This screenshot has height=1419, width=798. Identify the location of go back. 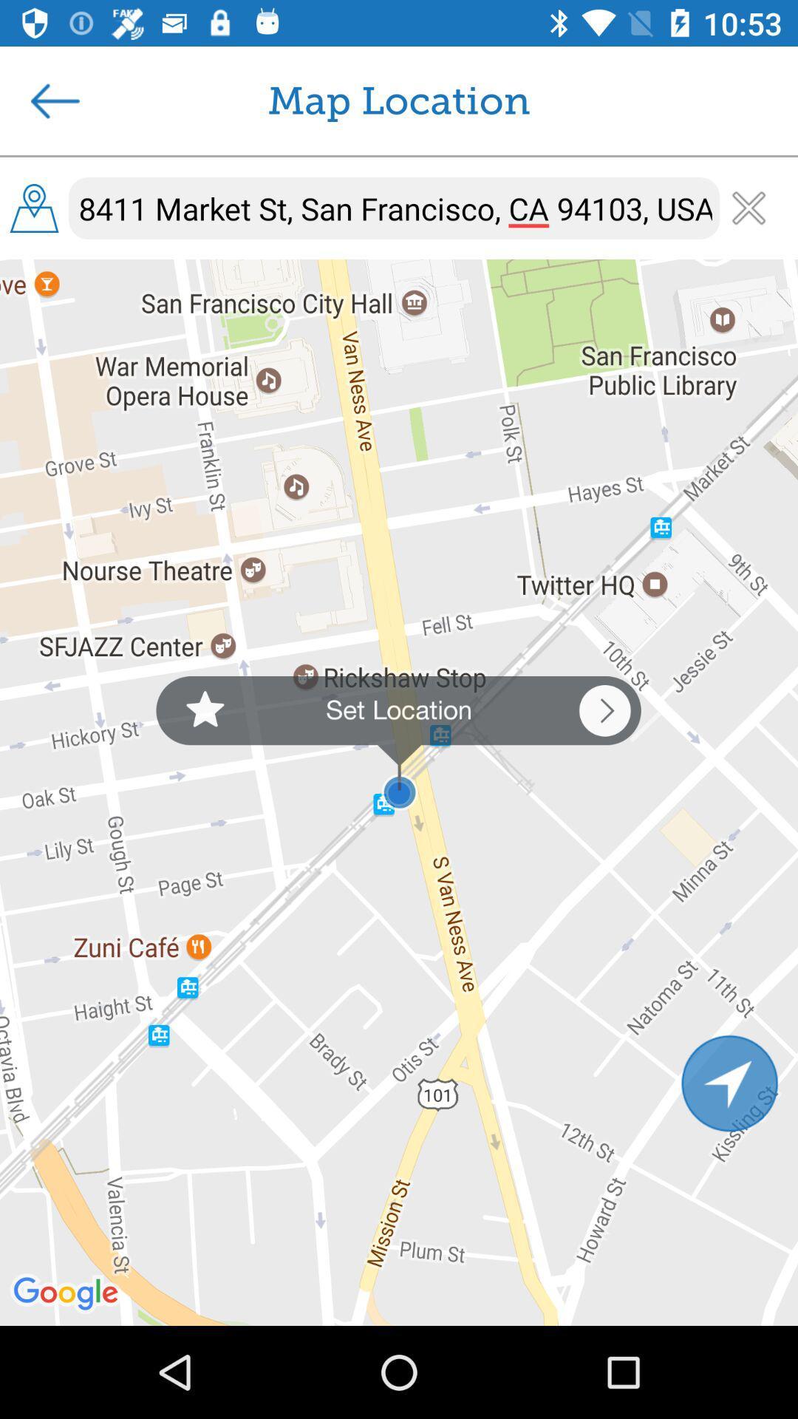
(54, 100).